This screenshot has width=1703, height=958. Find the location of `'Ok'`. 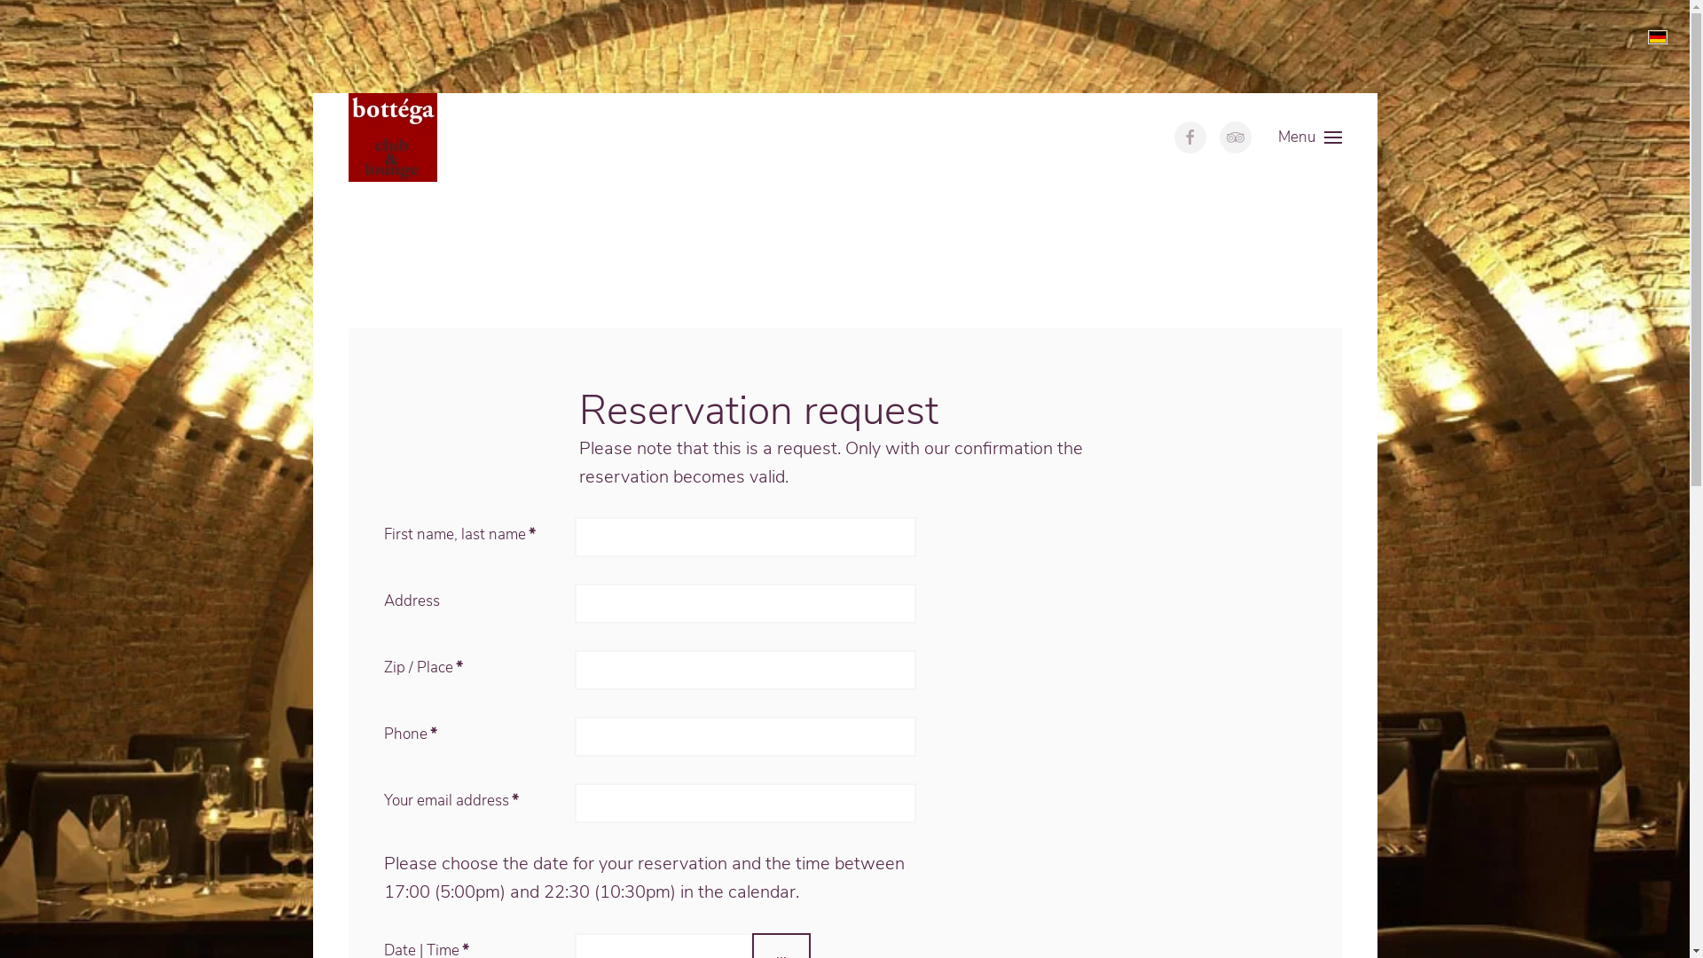

'Ok' is located at coordinates (1291, 45).